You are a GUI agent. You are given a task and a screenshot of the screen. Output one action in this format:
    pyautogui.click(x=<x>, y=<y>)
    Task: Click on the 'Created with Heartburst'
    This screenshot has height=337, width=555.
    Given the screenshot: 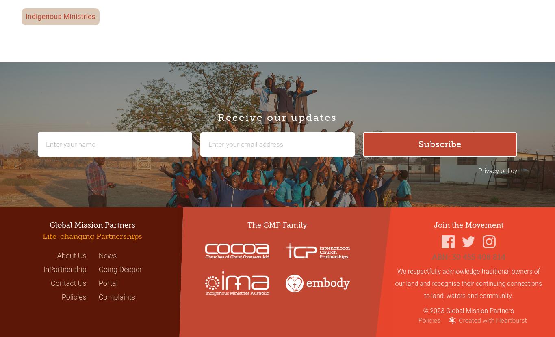 What is the action you would take?
    pyautogui.click(x=492, y=320)
    